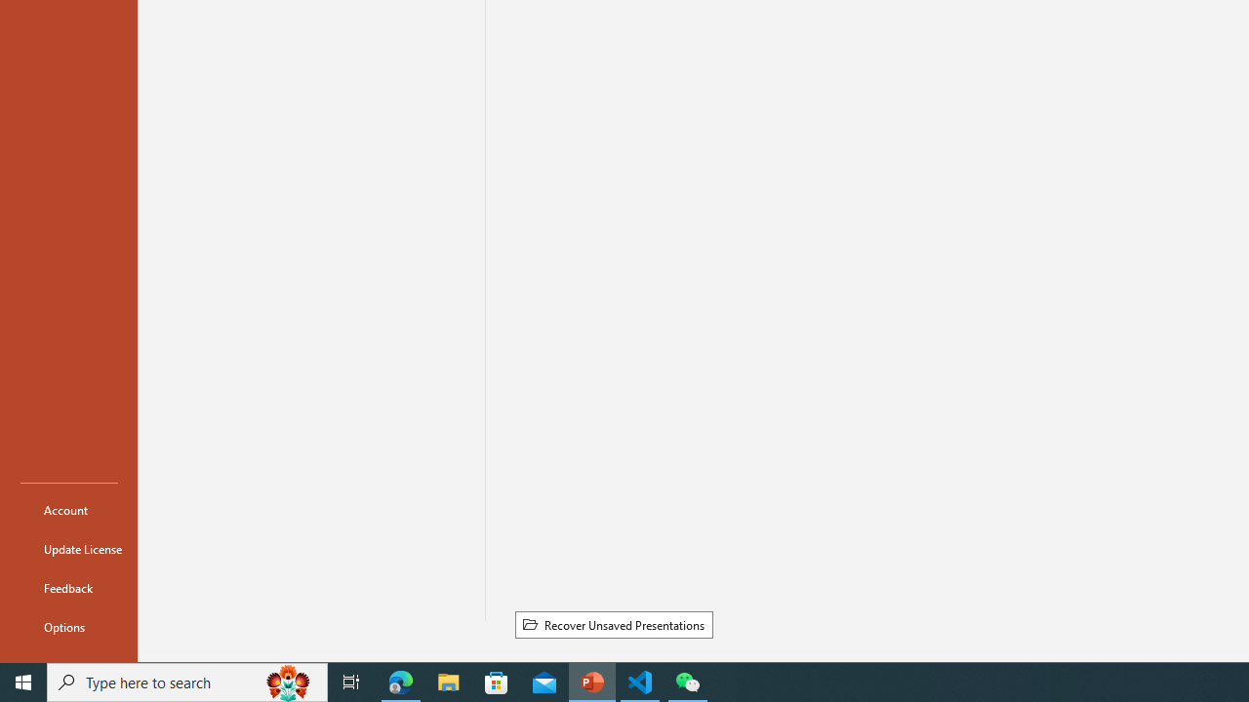 This screenshot has height=702, width=1249. I want to click on 'Recover Unsaved Presentations', so click(613, 625).